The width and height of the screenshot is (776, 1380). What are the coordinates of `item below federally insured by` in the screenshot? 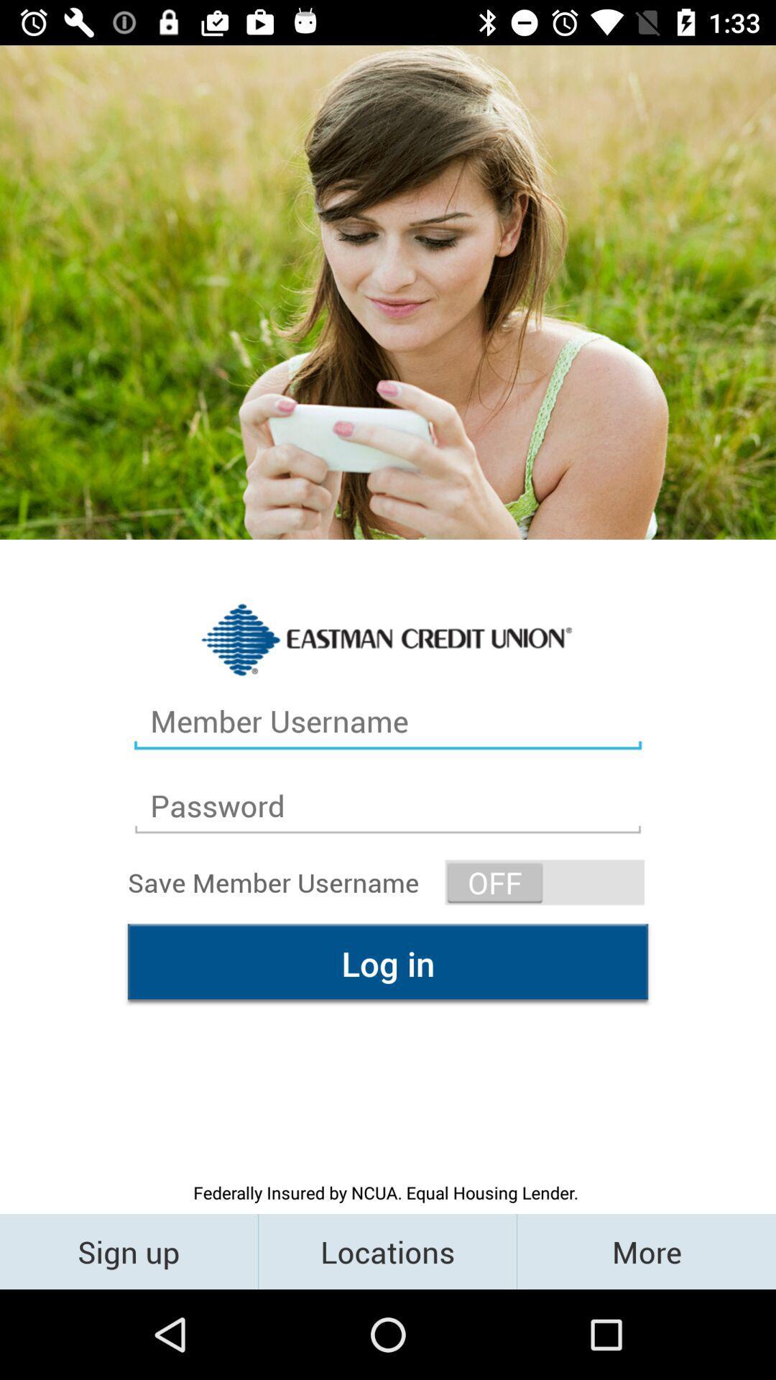 It's located at (645, 1251).